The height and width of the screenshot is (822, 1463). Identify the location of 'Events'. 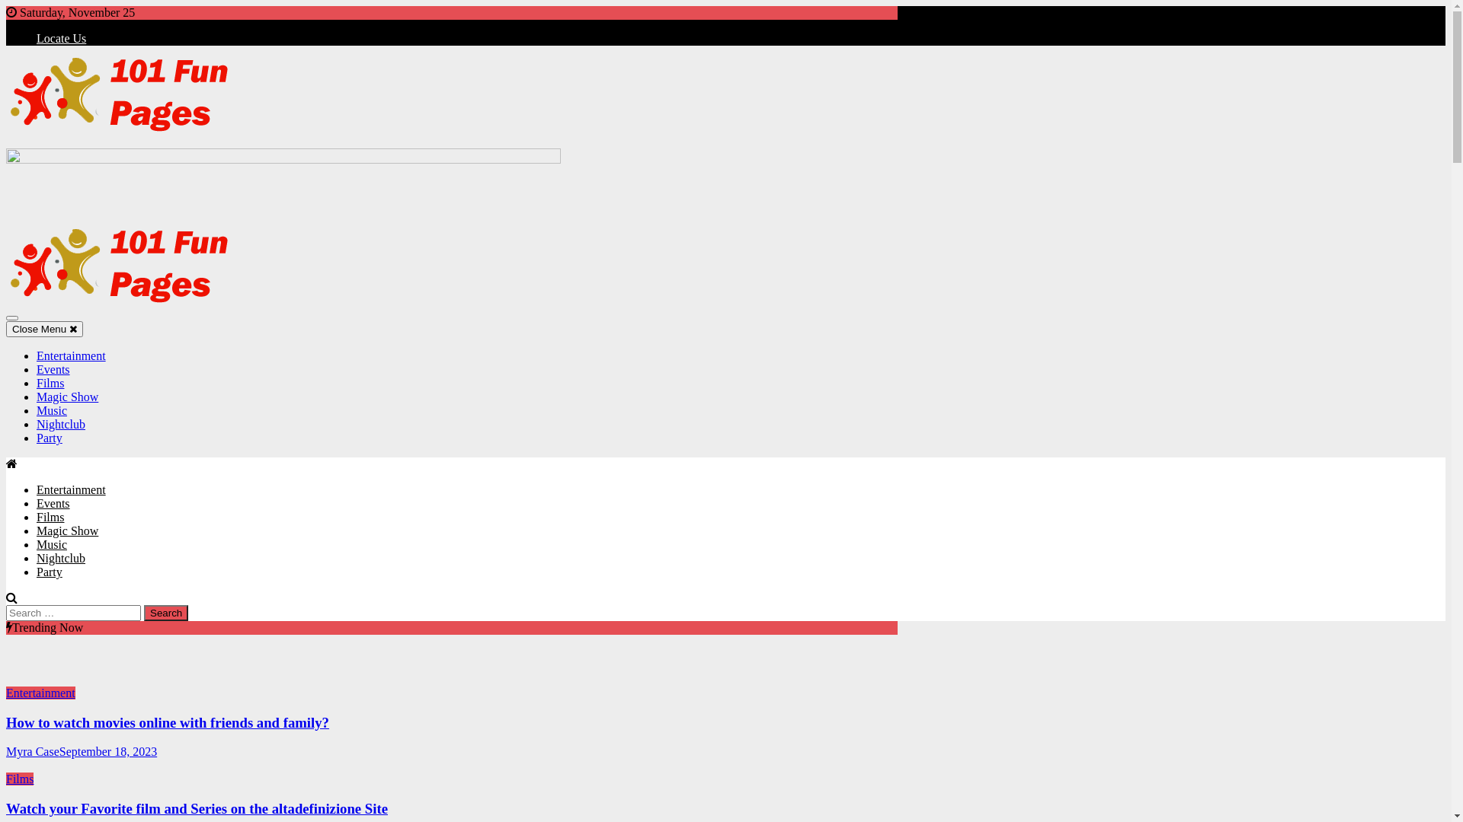
(53, 503).